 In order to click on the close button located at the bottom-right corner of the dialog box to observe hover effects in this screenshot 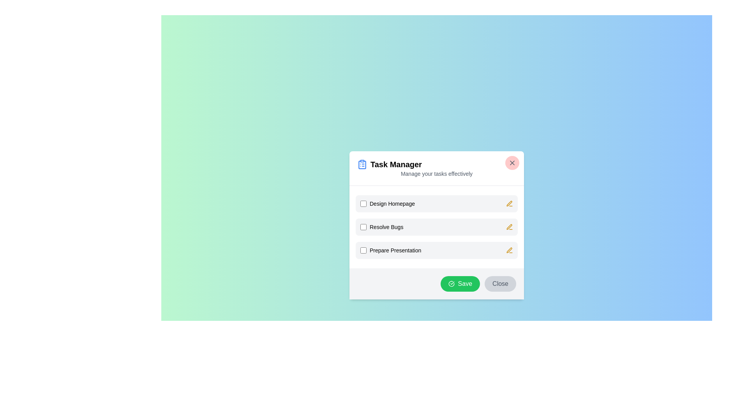, I will do `click(500, 283)`.